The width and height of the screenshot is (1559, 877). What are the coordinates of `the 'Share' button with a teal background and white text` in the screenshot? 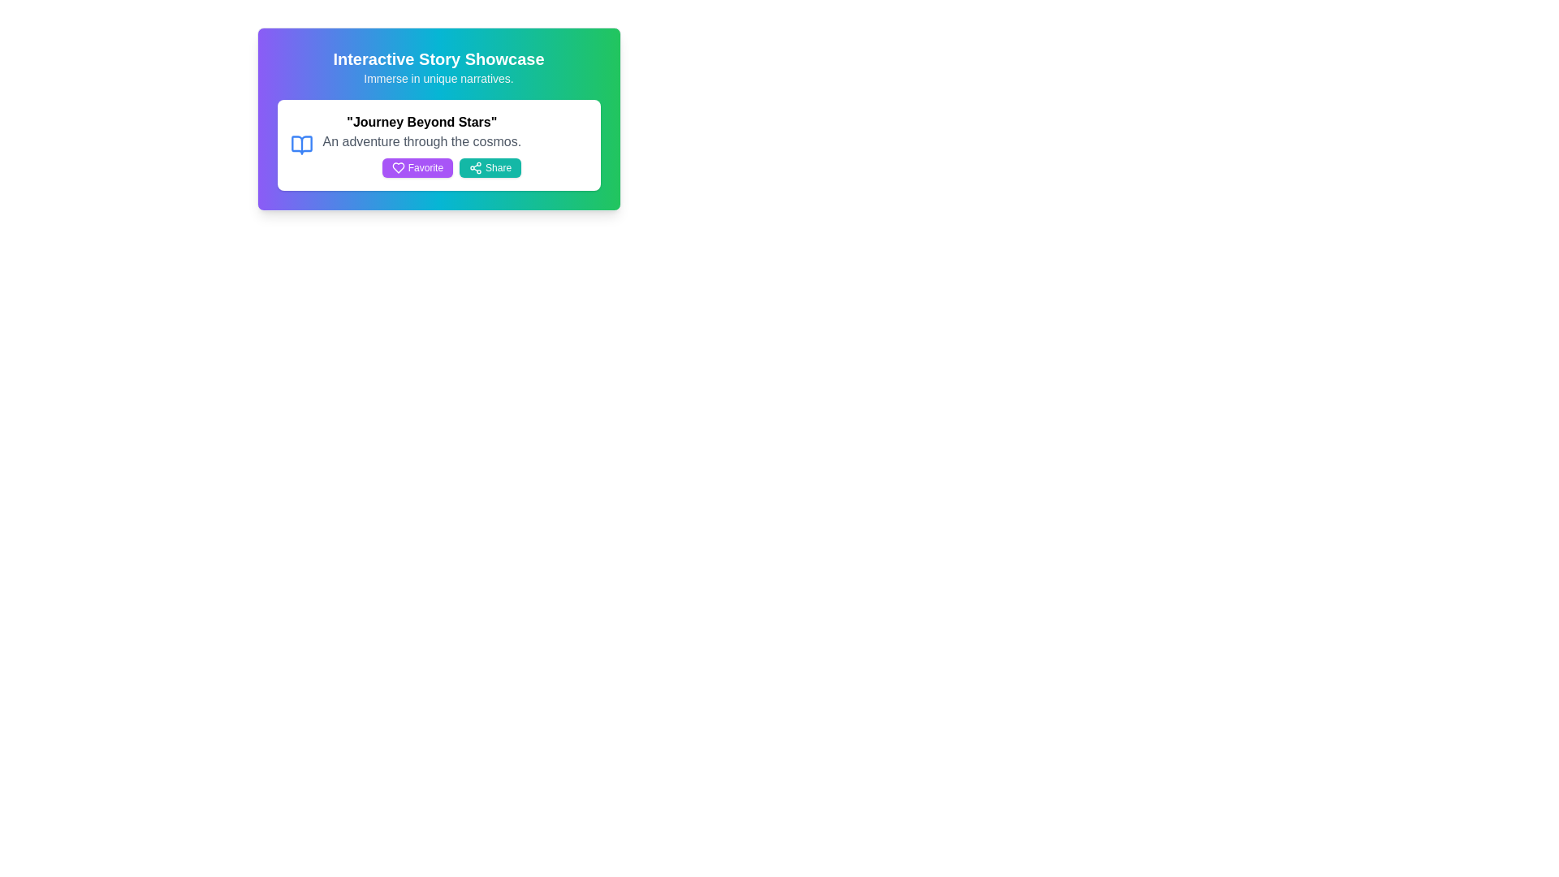 It's located at (490, 168).